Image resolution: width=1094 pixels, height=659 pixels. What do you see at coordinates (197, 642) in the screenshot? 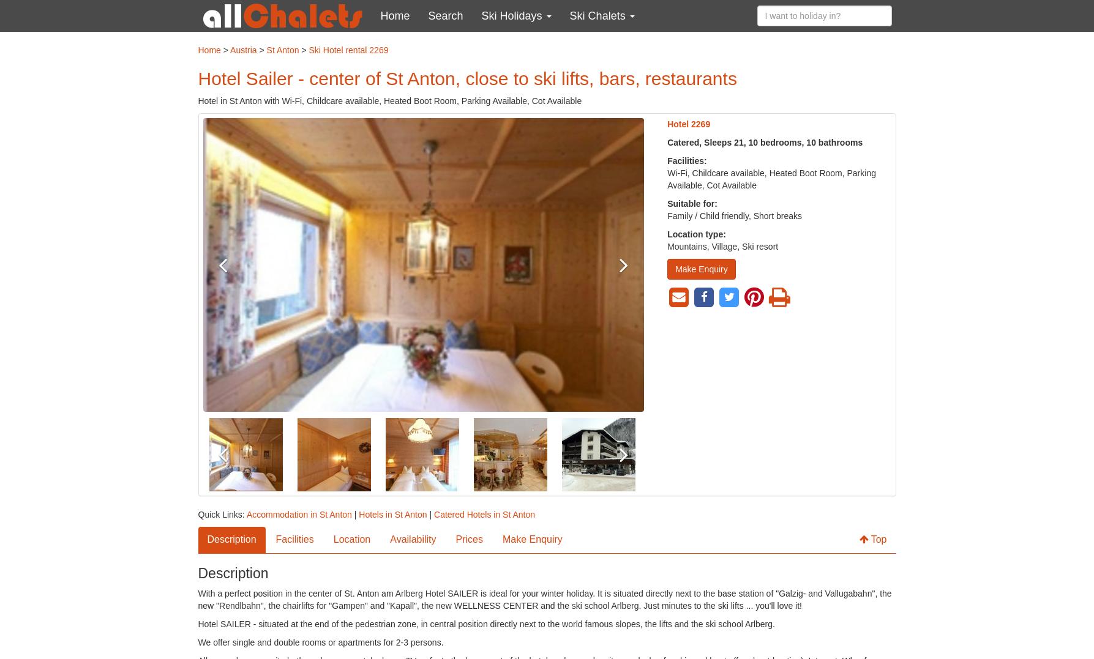
I see `'We offer single and double rooms or apartments for 2-3 persons.'` at bounding box center [197, 642].